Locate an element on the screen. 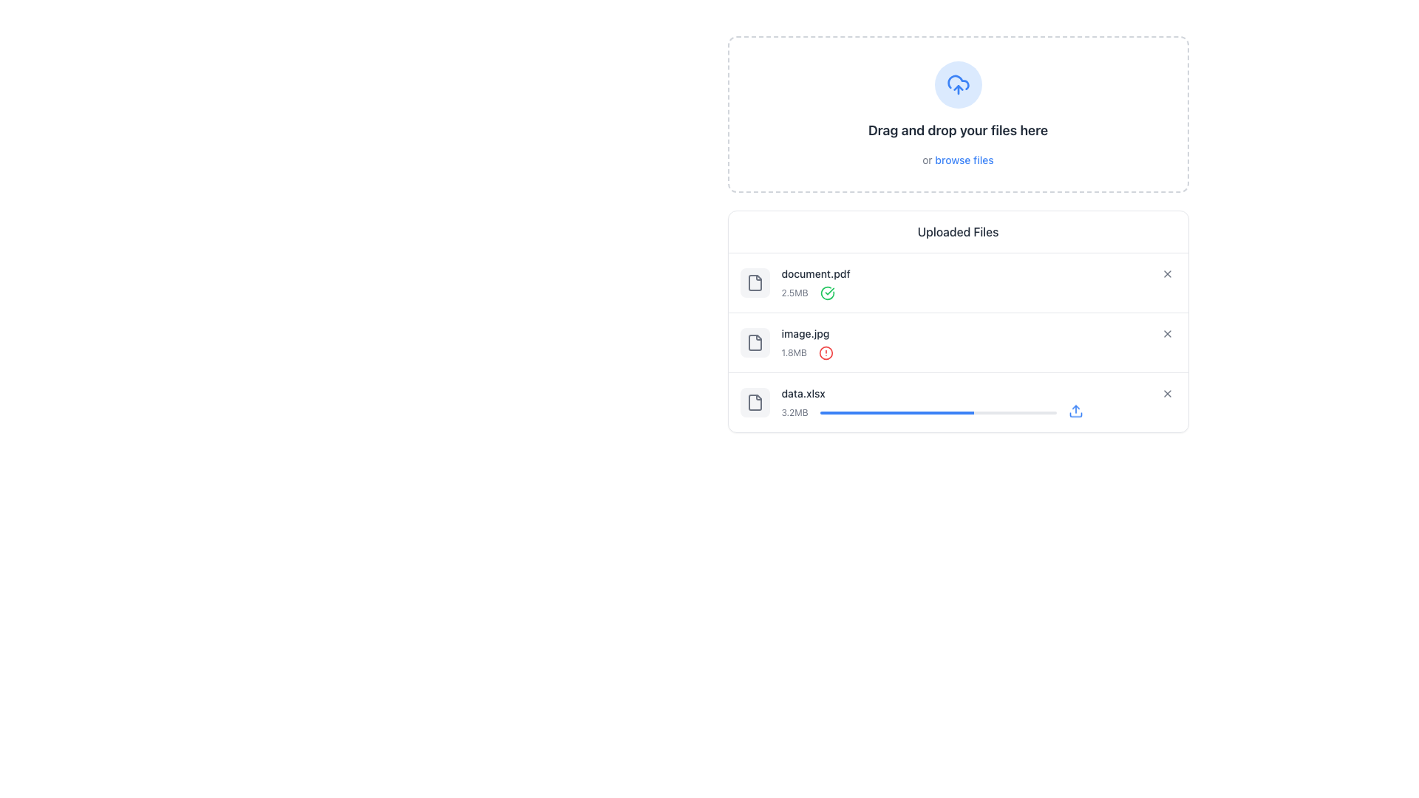  the alert icon indicating an issue related to the file 'image.jpg' in the file upload list is located at coordinates (826, 353).